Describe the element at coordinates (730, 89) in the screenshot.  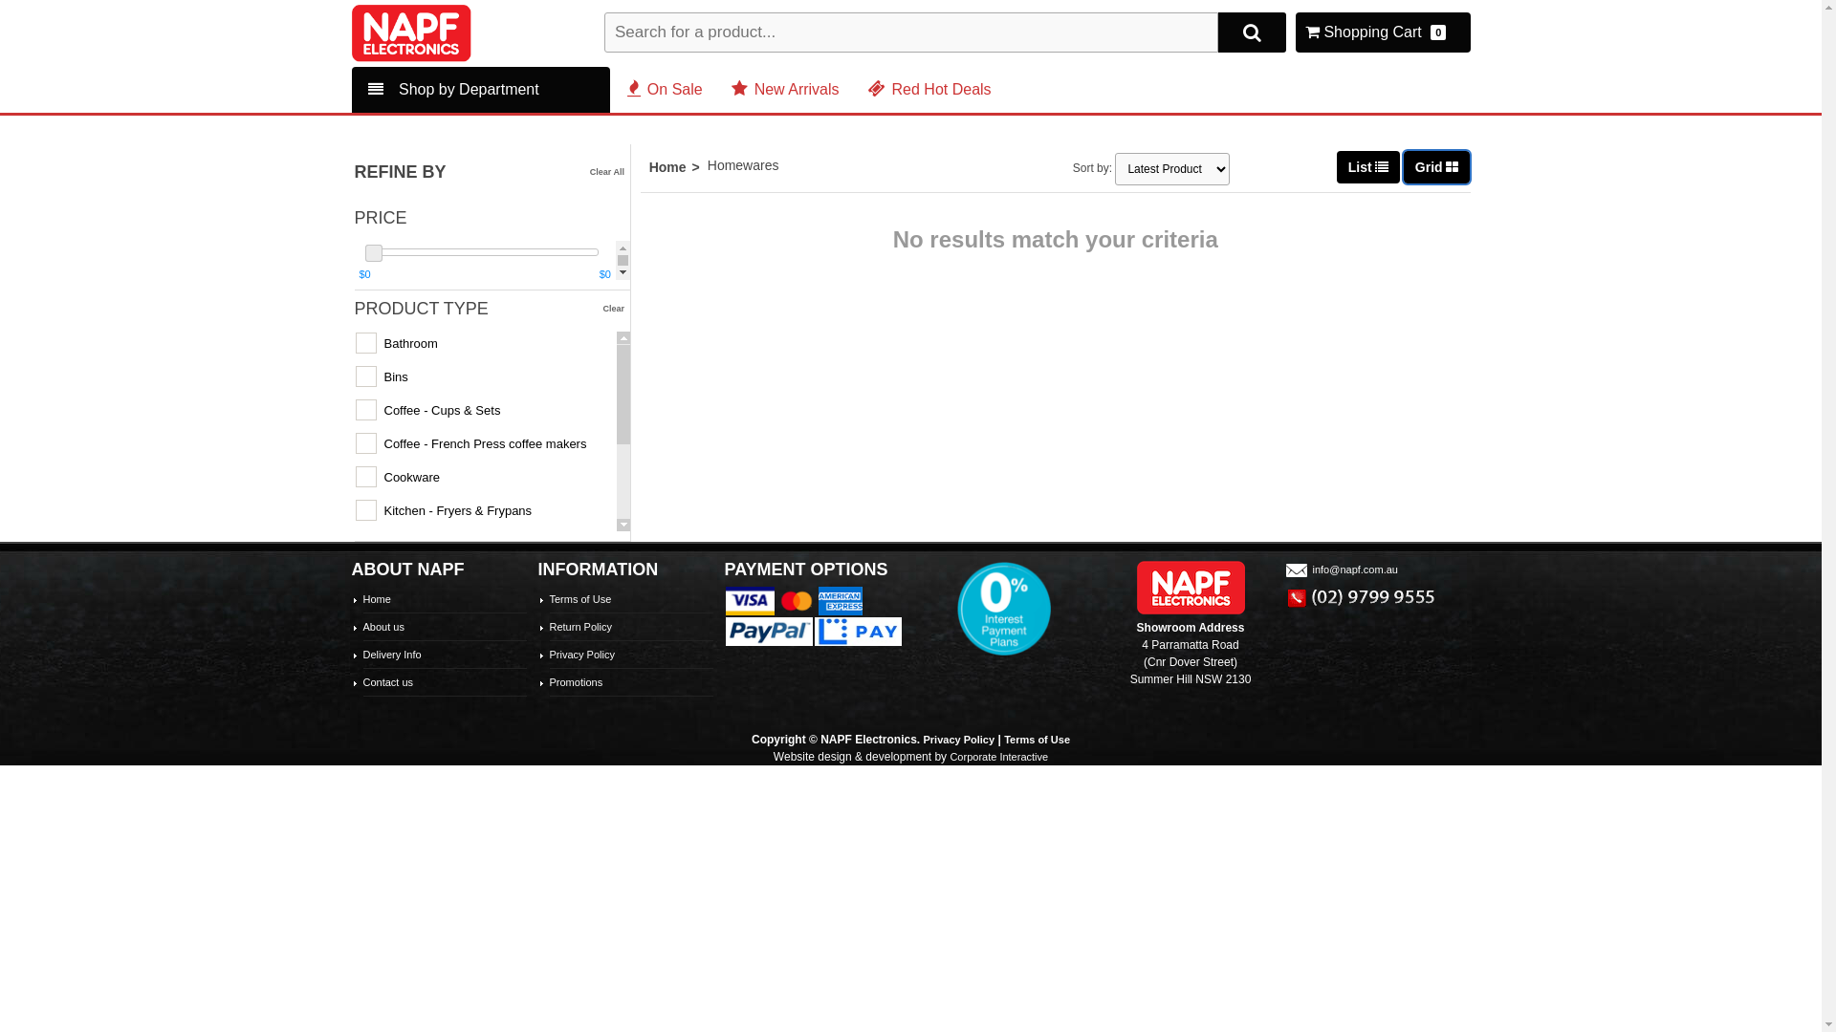
I see `'New Arrivals'` at that location.